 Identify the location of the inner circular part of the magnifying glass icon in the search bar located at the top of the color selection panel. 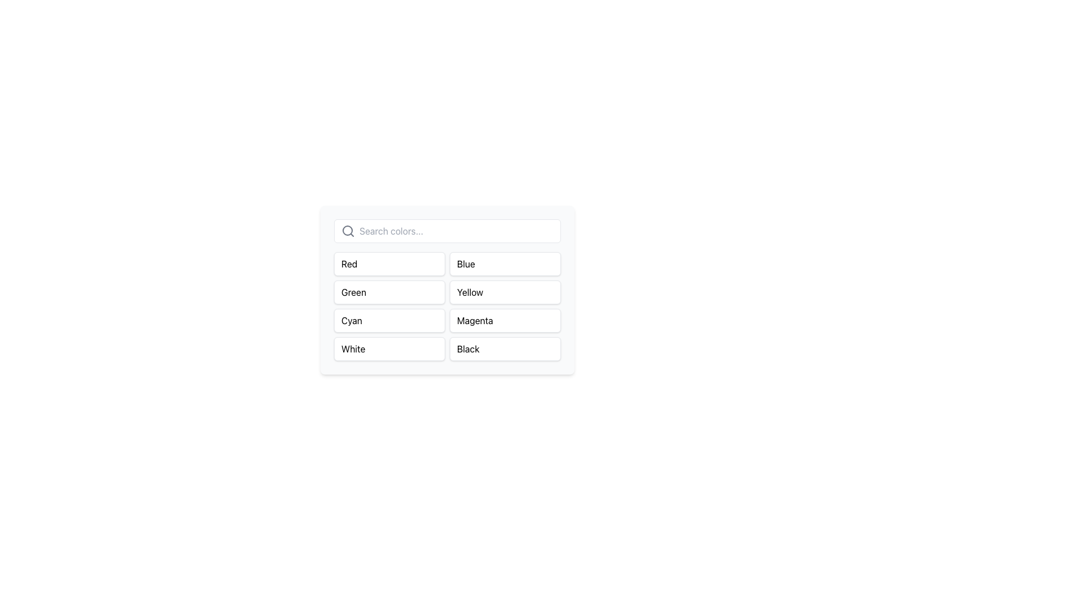
(347, 230).